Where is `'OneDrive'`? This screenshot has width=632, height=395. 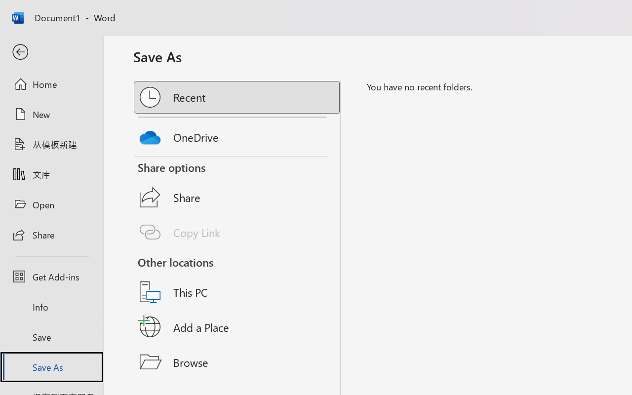
'OneDrive' is located at coordinates (237, 135).